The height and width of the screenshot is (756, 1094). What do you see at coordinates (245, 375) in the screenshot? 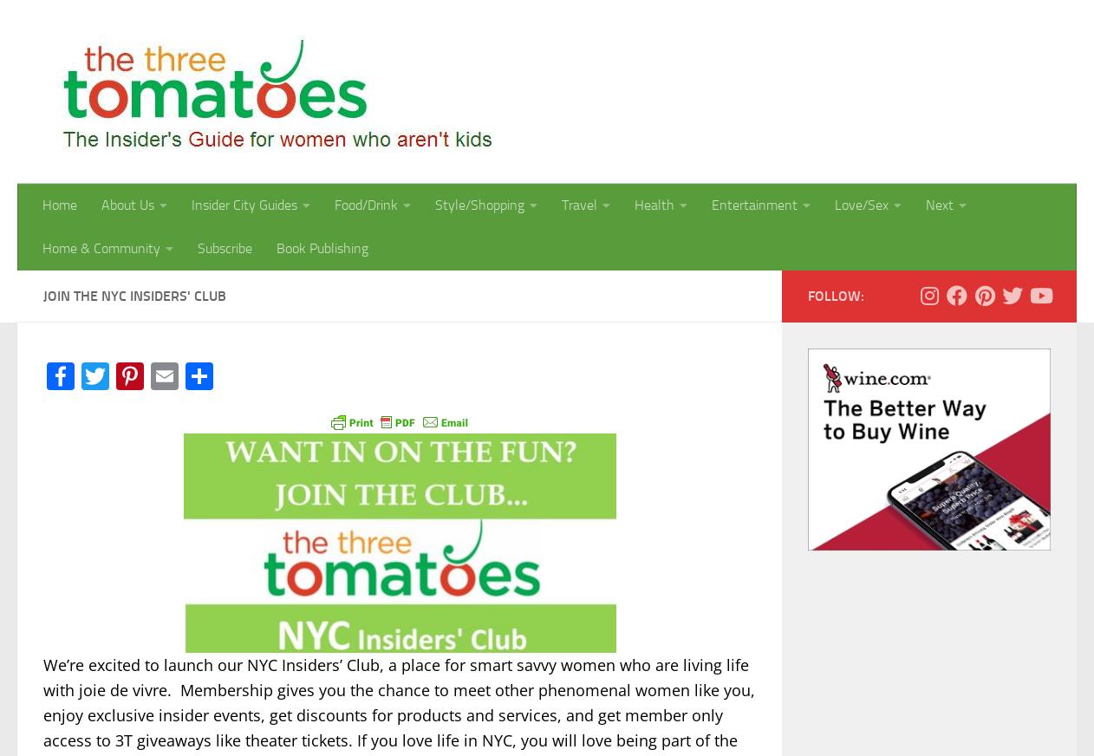
I see `'Share'` at bounding box center [245, 375].